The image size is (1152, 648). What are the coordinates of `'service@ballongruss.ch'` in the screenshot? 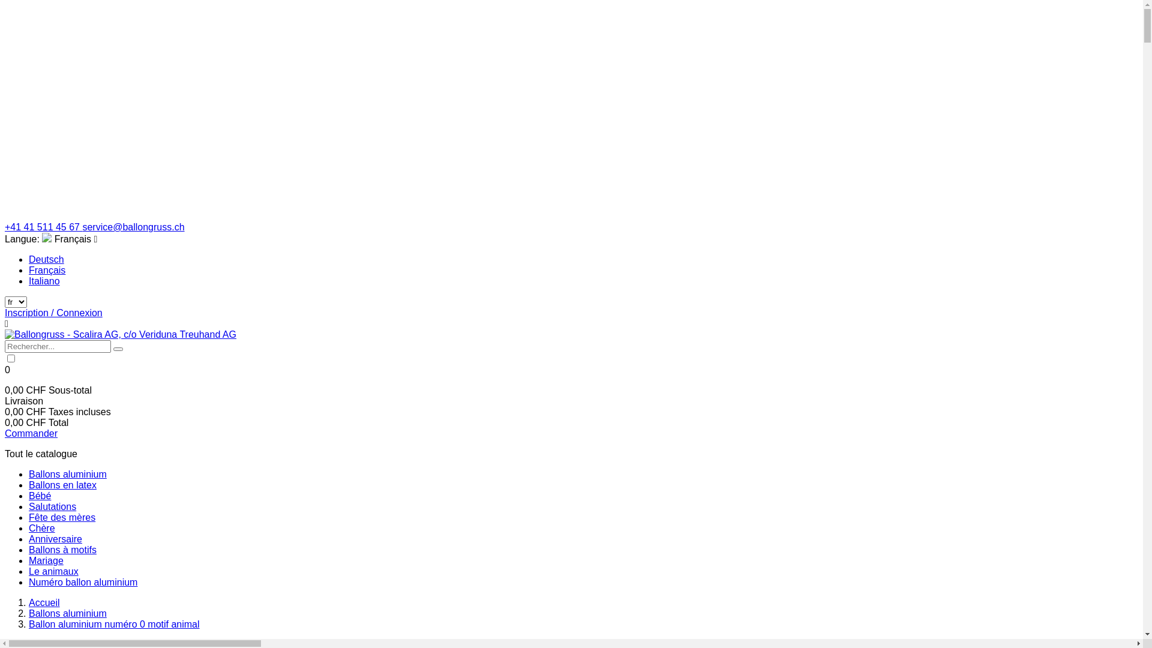 It's located at (133, 227).